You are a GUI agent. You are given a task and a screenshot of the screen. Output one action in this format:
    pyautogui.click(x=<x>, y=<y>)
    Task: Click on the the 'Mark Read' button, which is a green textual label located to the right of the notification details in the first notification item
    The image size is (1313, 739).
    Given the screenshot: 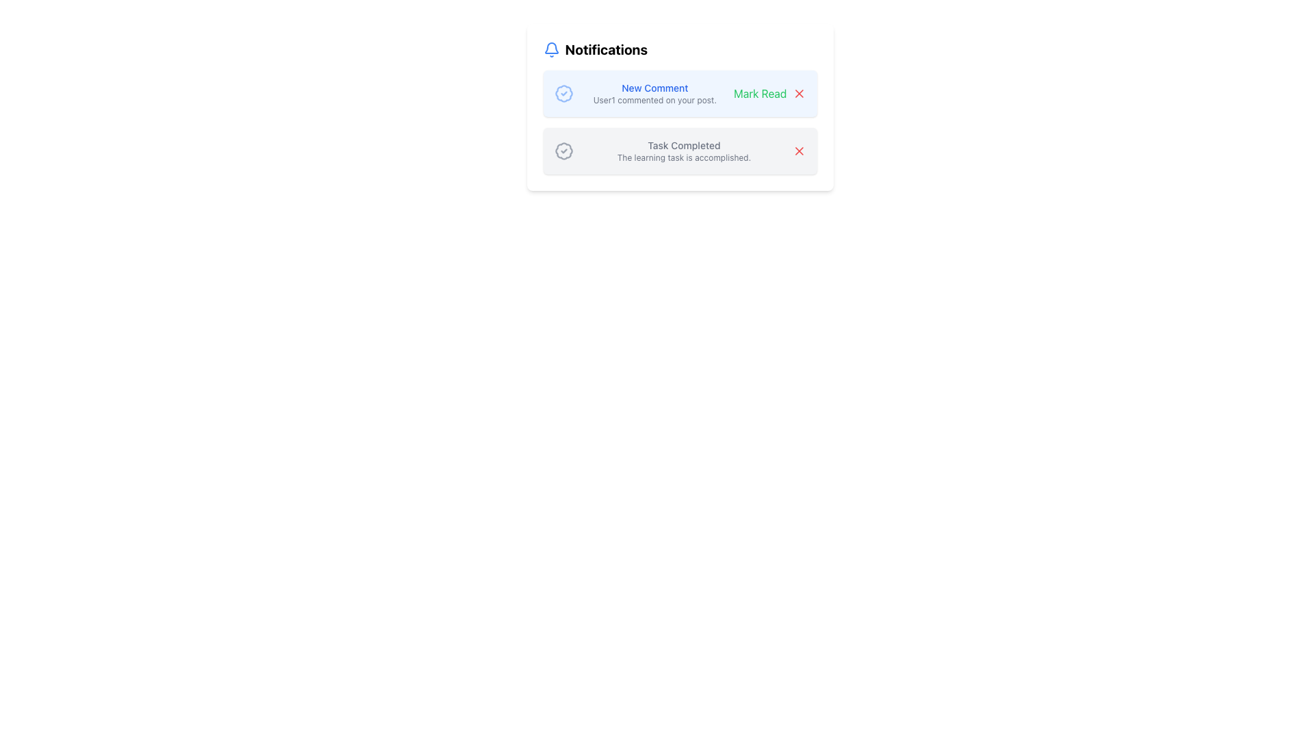 What is the action you would take?
    pyautogui.click(x=759, y=93)
    